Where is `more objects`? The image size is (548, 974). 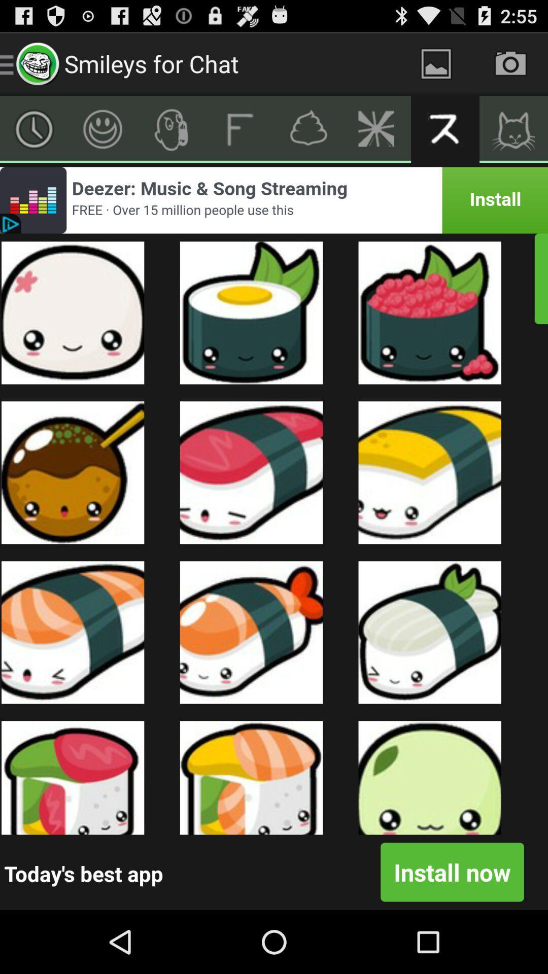 more objects is located at coordinates (33, 128).